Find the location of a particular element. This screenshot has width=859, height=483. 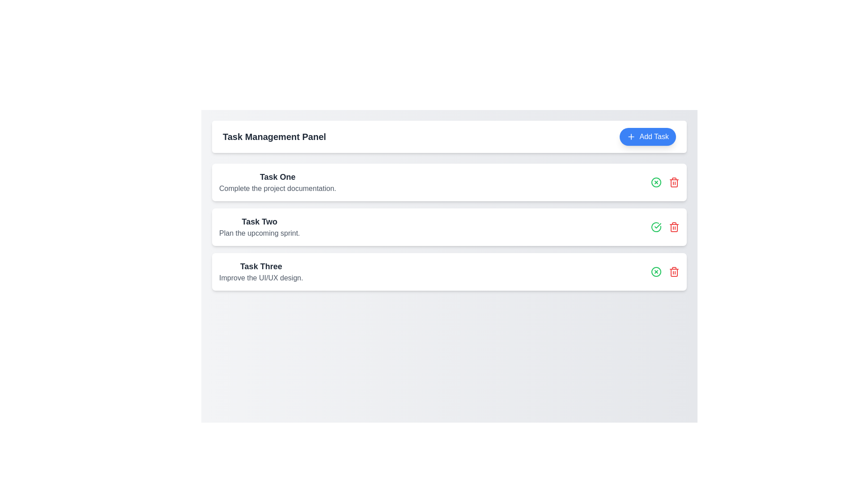

the Text element located directly below the 'Task Two' heading, which provides a descriptive detail or subtitle for the task is located at coordinates (259, 233).